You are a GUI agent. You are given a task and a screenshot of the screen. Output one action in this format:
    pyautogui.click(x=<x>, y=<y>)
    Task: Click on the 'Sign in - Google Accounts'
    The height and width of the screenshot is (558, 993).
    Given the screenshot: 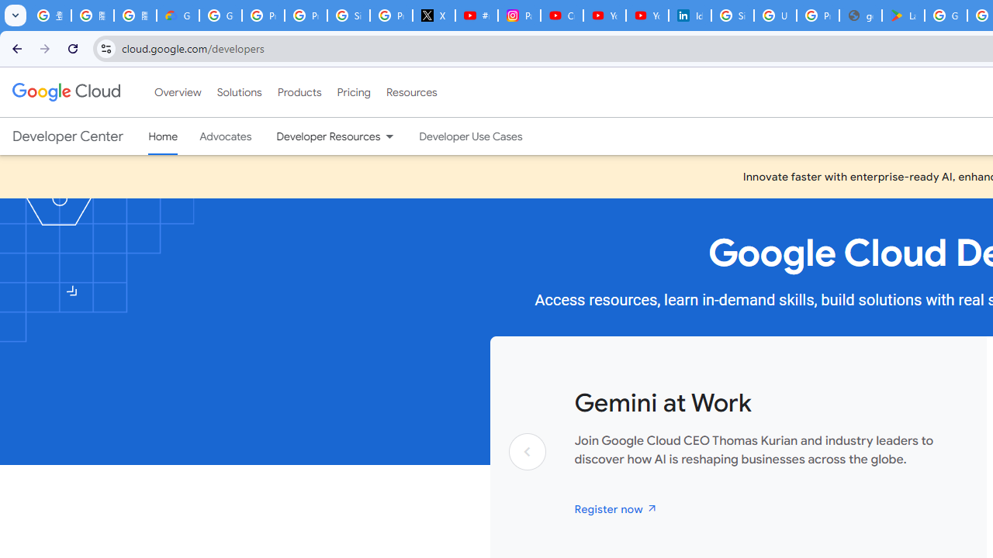 What is the action you would take?
    pyautogui.click(x=348, y=15)
    